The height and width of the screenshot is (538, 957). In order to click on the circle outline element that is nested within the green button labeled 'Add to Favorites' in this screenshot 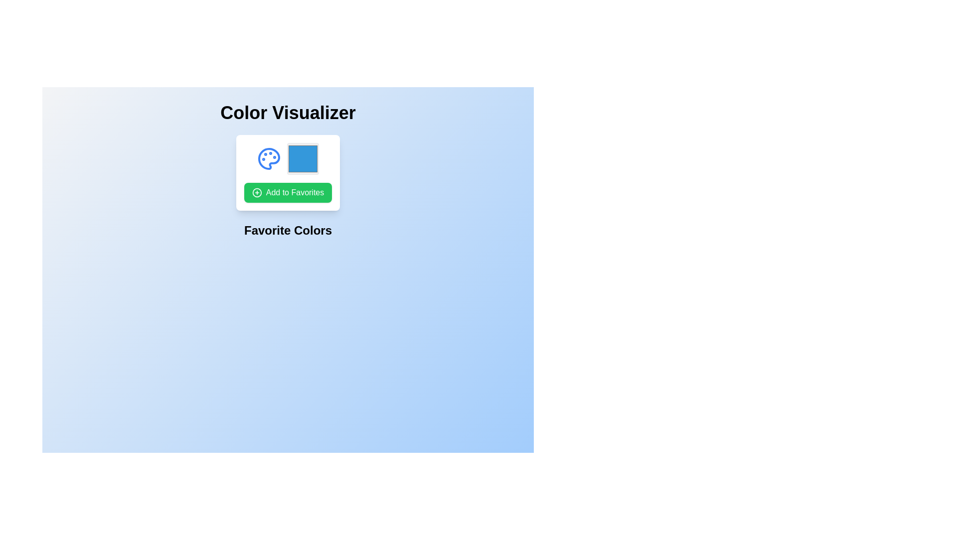, I will do `click(257, 192)`.